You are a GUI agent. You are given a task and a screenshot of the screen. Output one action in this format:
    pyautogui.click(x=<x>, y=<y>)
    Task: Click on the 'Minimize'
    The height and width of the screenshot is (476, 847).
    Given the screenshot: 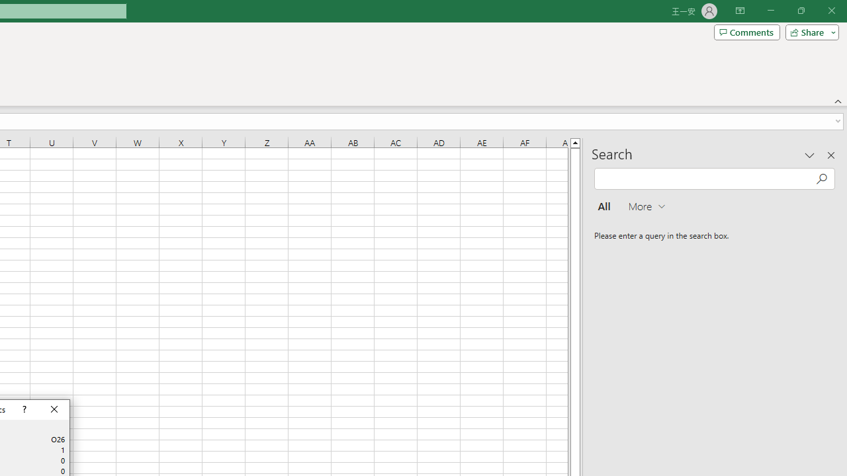 What is the action you would take?
    pyautogui.click(x=770, y=11)
    